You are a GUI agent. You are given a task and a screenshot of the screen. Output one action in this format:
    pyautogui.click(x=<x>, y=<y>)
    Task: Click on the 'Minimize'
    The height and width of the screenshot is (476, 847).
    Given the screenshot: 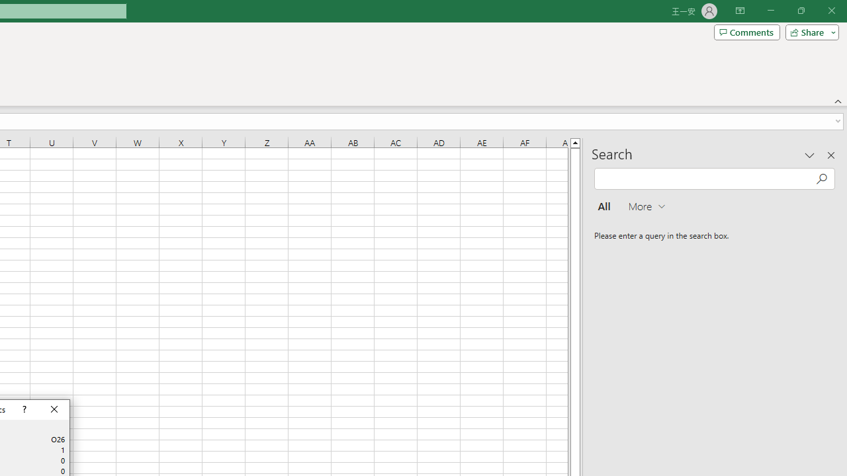 What is the action you would take?
    pyautogui.click(x=770, y=11)
    